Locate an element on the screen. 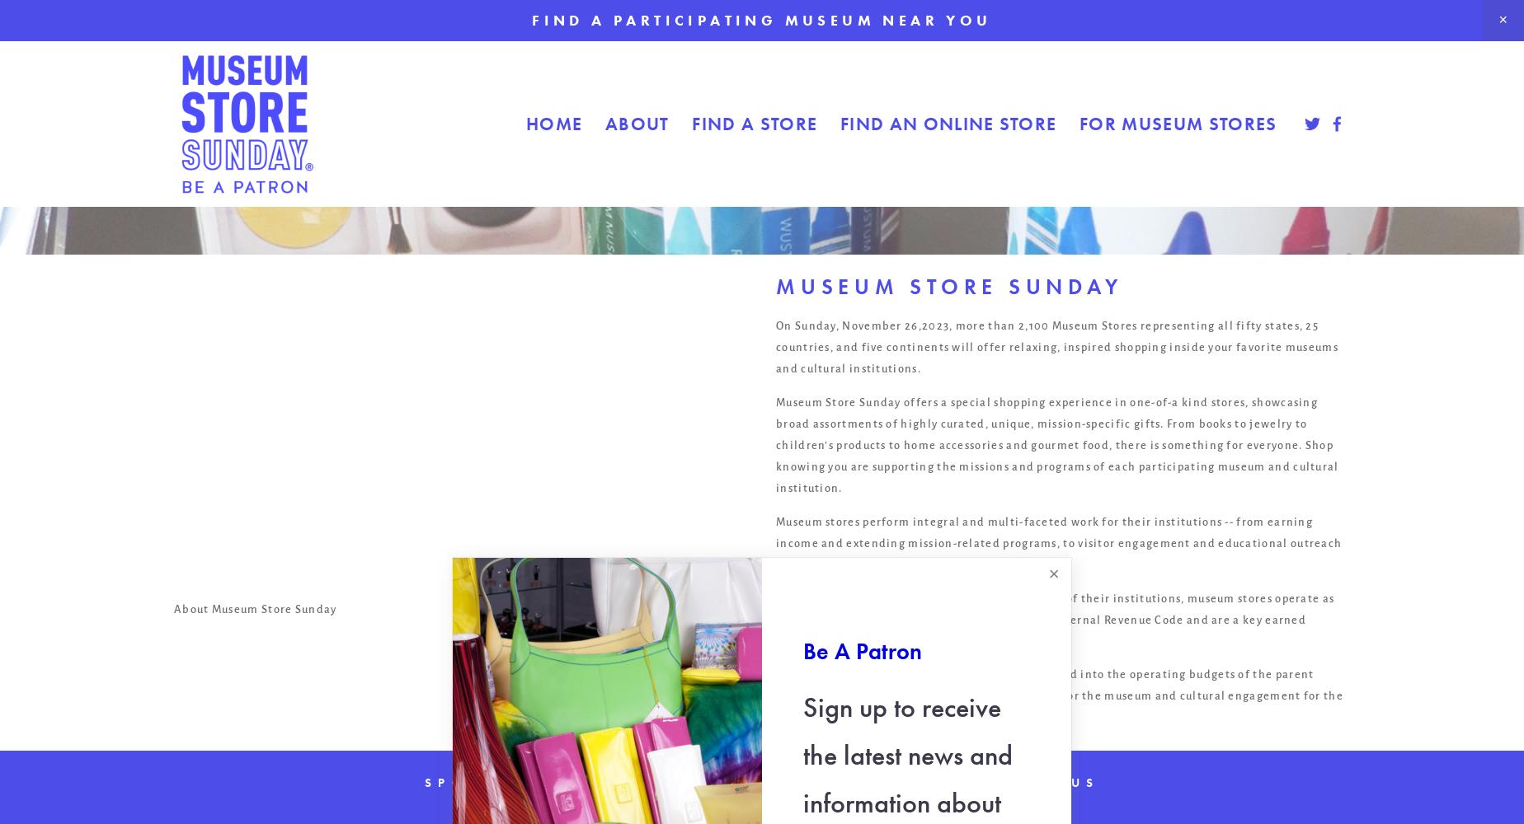 Image resolution: width=1524 pixels, height=824 pixels. 'On Sunday, November 26,2023, more than 2,100 Museum Stores representing all fifty states, 25 countries, and five continents will offer relaxing, inspired shopping inside your favorite museums and cultural institutions.' is located at coordinates (1058, 347).